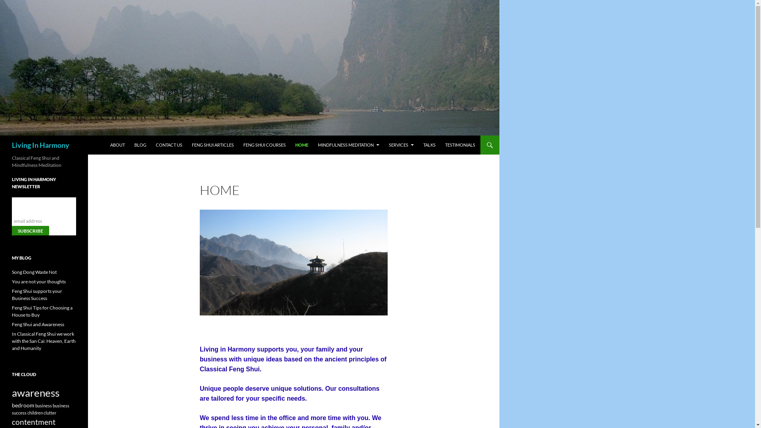  Describe the element at coordinates (264, 145) in the screenshot. I see `'FENG SHUI COURSES'` at that location.